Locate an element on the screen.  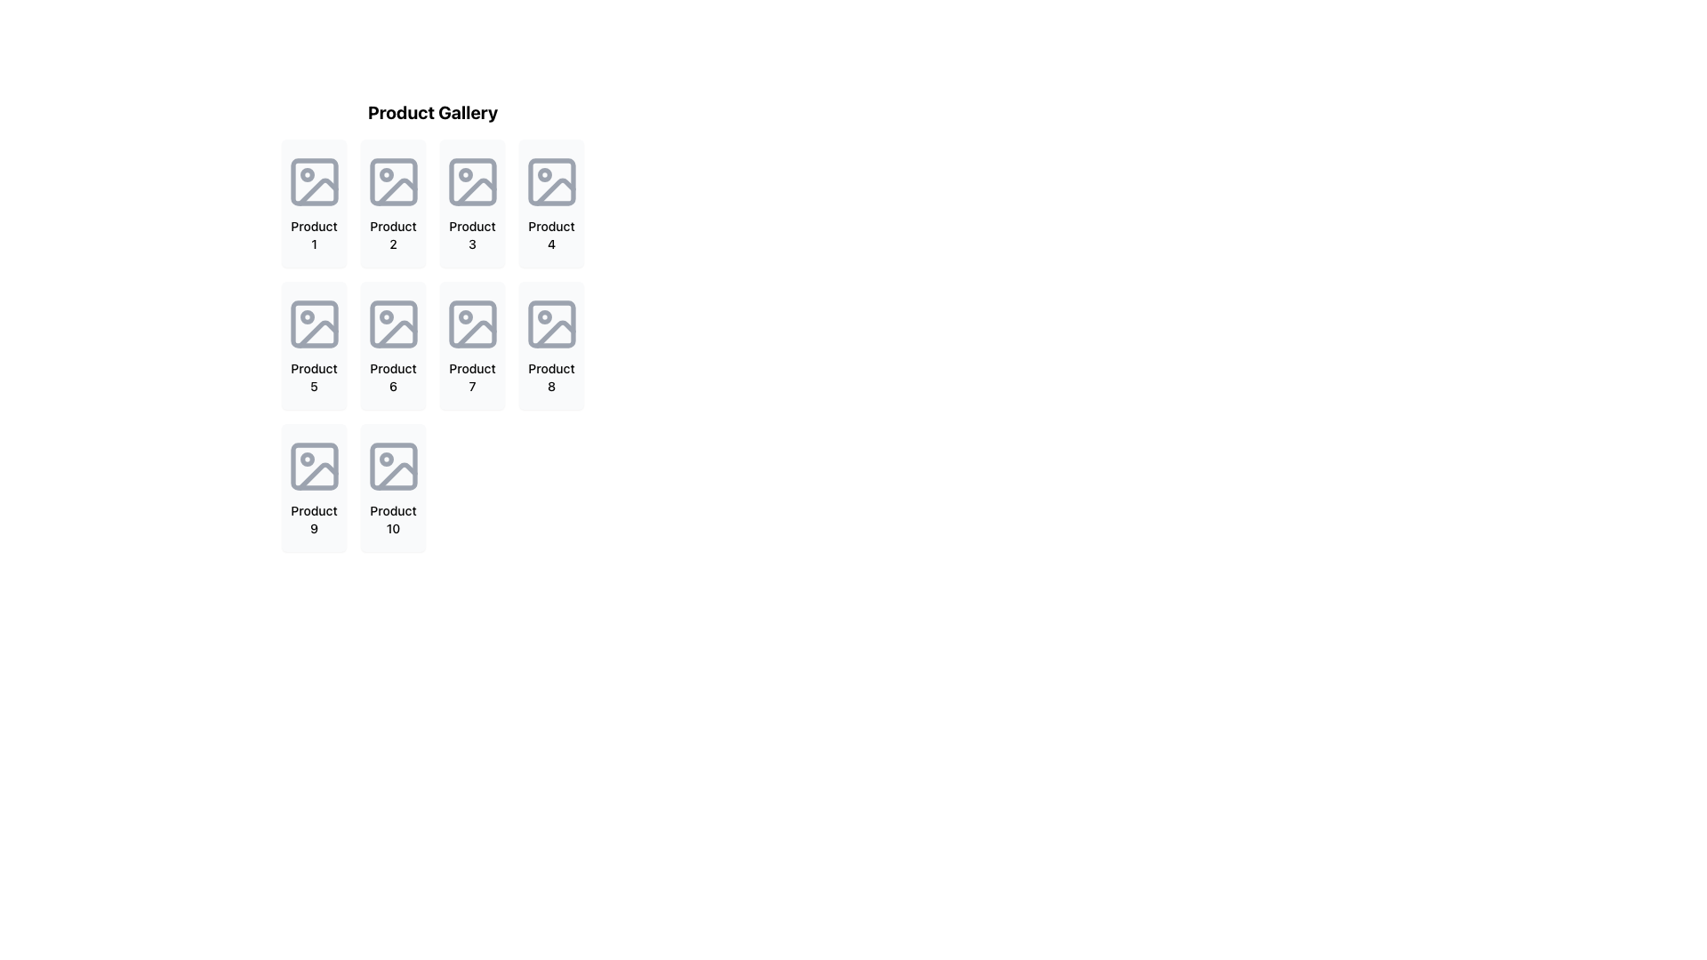
the product card located in the second row, fourth column of the grid layout is located at coordinates (550, 346).